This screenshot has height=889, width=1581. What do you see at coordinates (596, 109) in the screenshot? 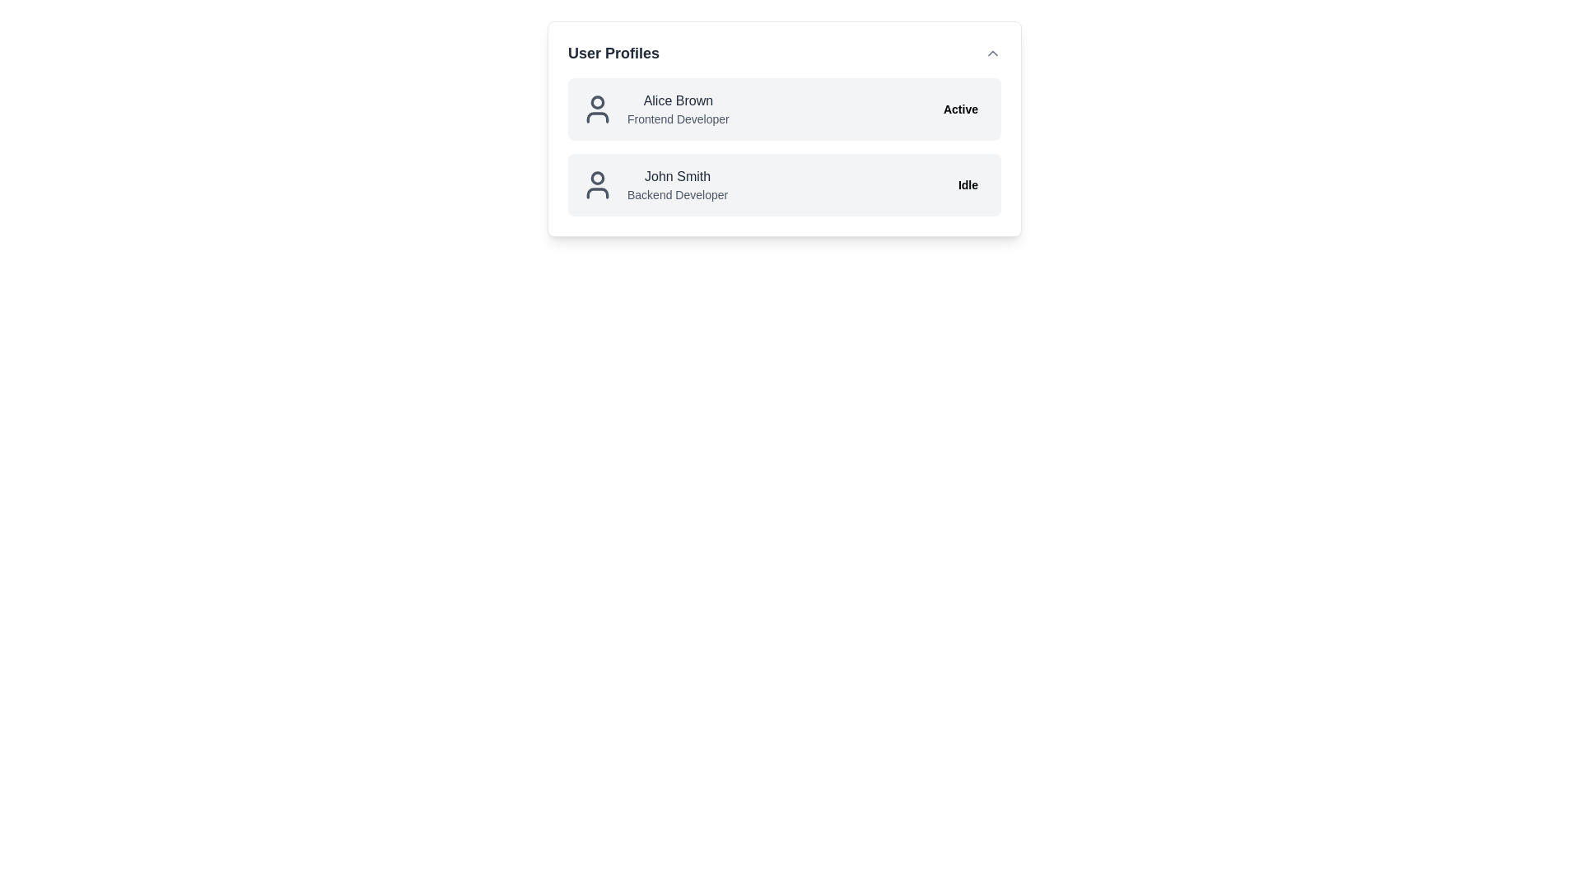
I see `the user profile icon representing 'Alice Brown', which is a gray circular icon with minimalistic lines, located to the left of the text details` at bounding box center [596, 109].